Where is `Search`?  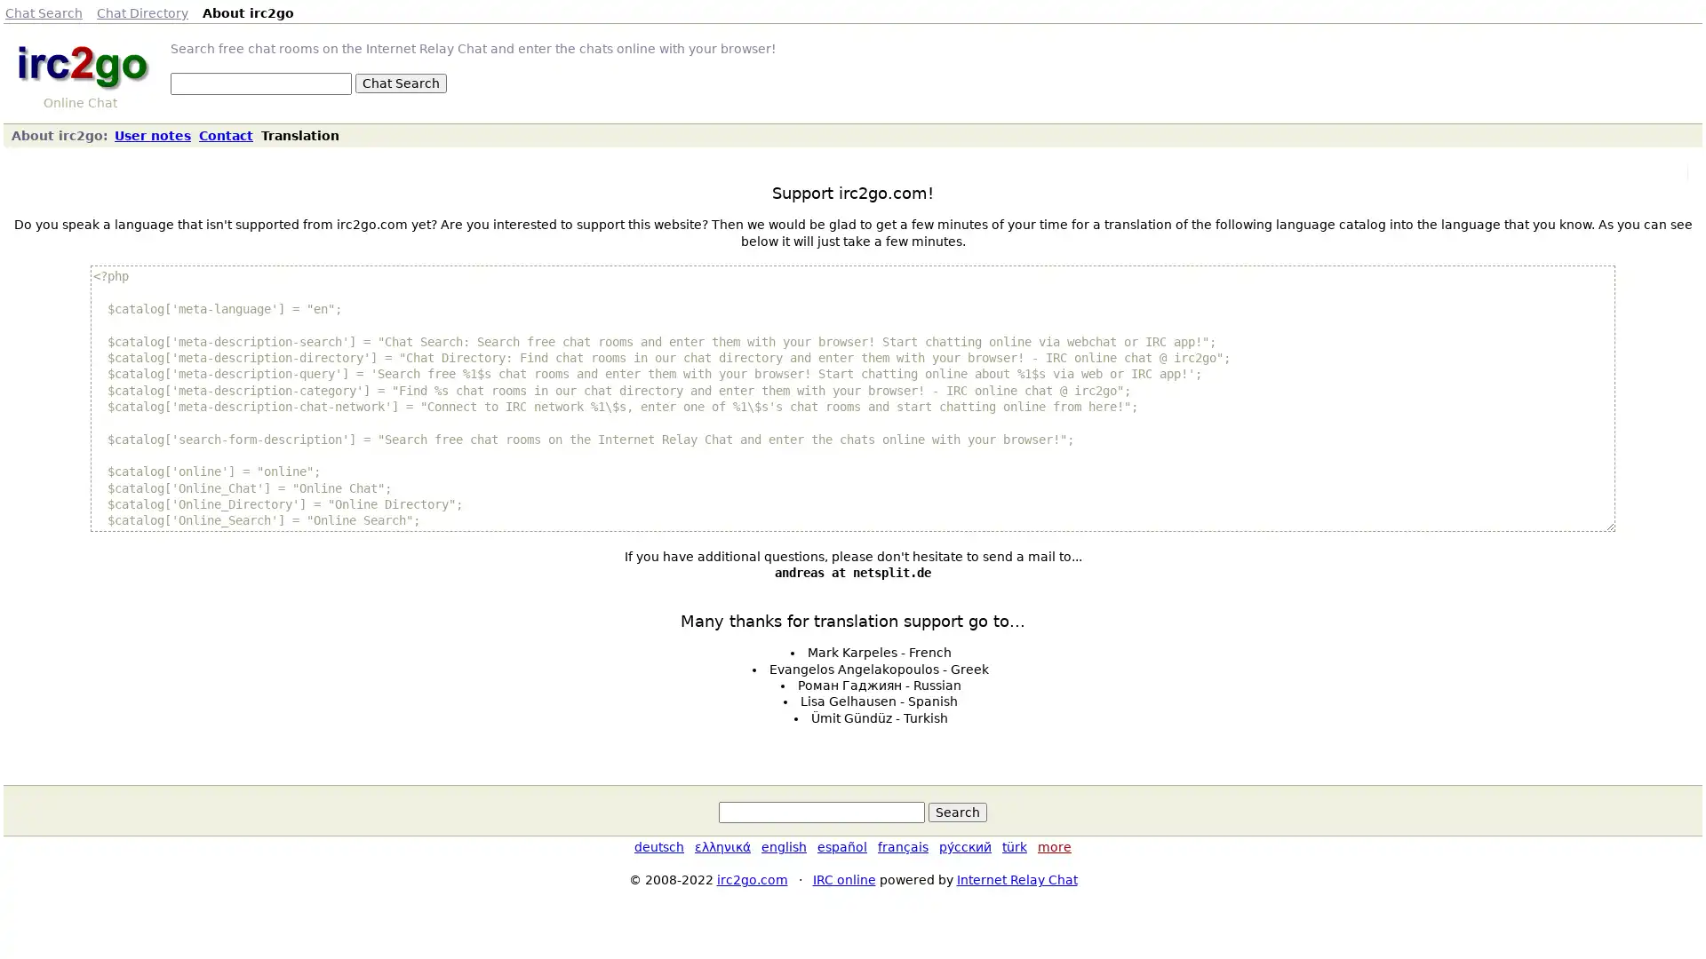
Search is located at coordinates (957, 812).